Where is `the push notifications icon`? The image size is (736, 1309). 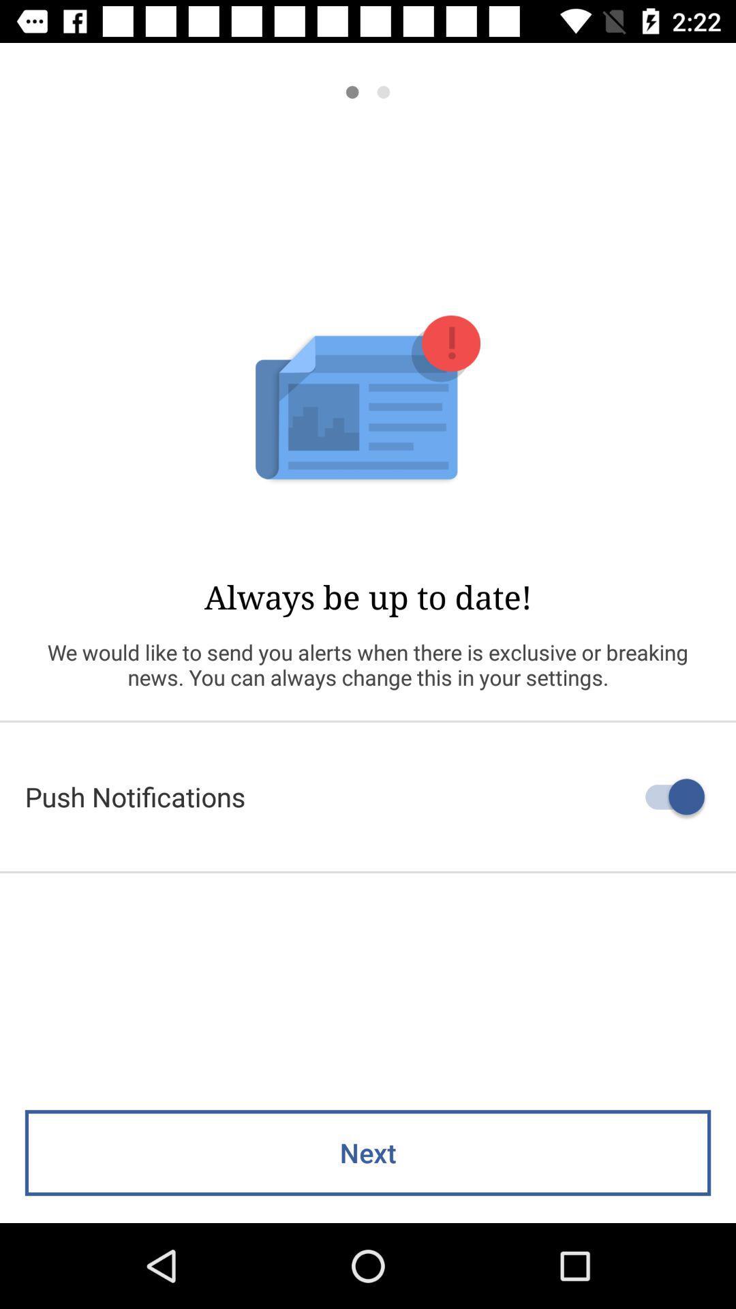
the push notifications icon is located at coordinates (368, 796).